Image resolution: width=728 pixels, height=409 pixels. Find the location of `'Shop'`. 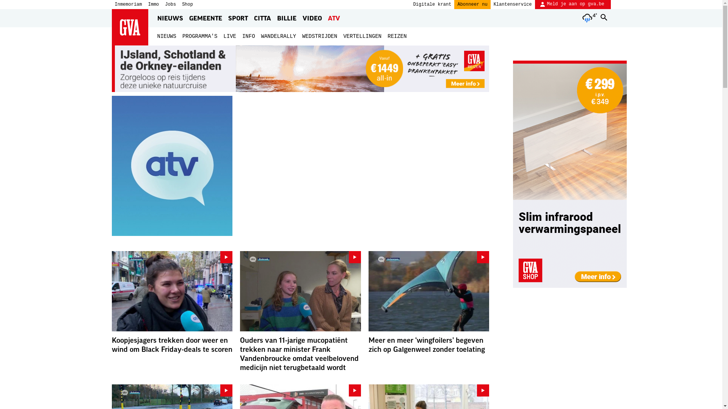

'Shop' is located at coordinates (187, 4).